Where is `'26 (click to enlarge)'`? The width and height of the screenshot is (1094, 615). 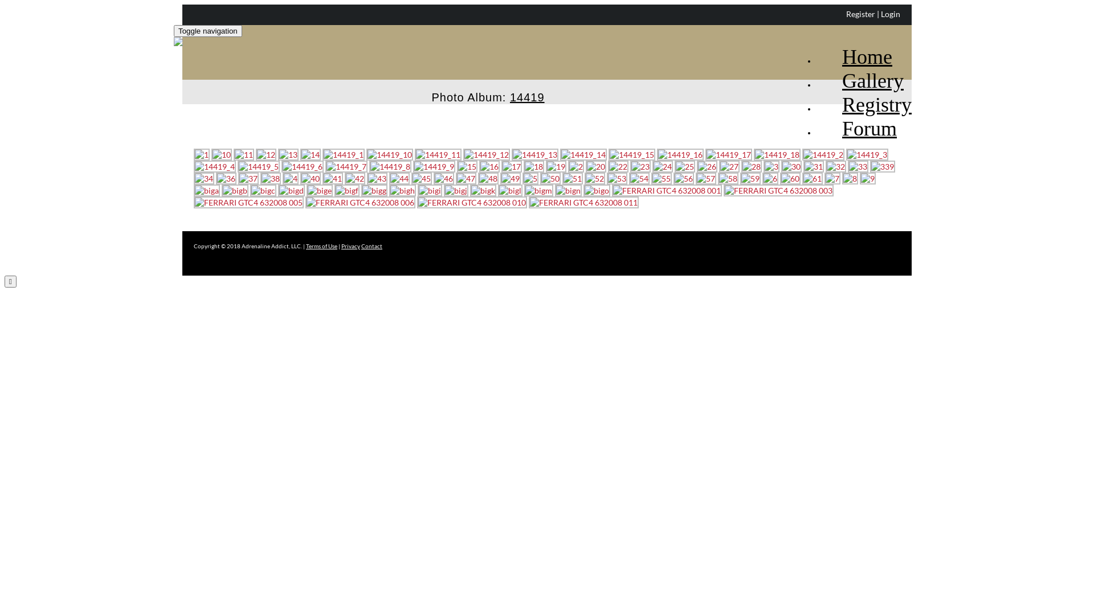
'26 (click to enlarge)' is located at coordinates (707, 166).